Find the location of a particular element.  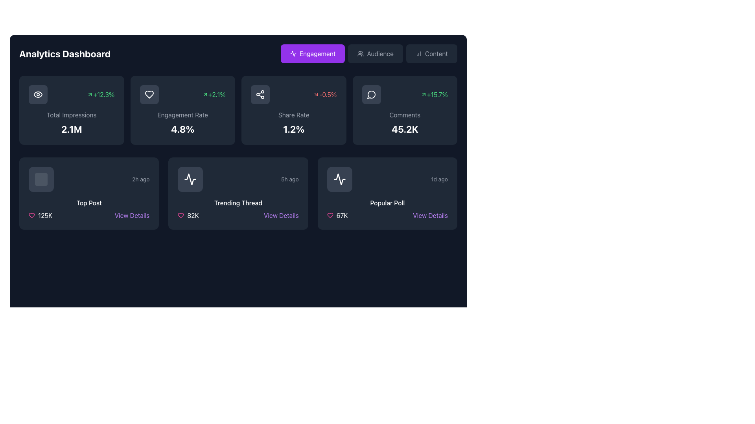

displayed information of the Text label showing '1.2%' in the 'Share Rate' section of the dashboard is located at coordinates (293, 128).